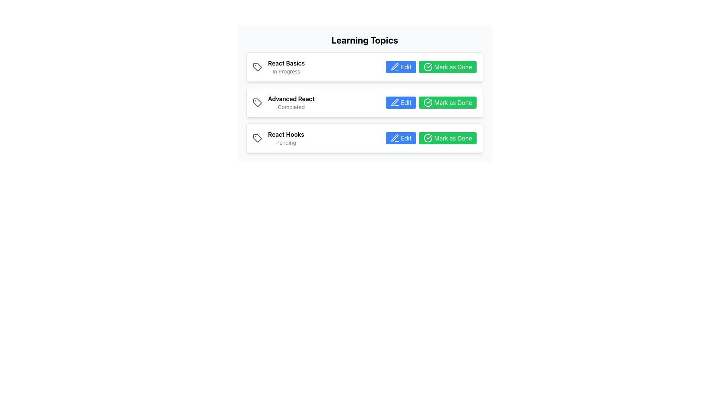 Image resolution: width=728 pixels, height=409 pixels. Describe the element at coordinates (257, 102) in the screenshot. I see `the tag-style icon with a gray outline and a circular dot, located within the 'Advanced React' and 'Completed' row, positioned on the left side adjacent to the text` at that location.